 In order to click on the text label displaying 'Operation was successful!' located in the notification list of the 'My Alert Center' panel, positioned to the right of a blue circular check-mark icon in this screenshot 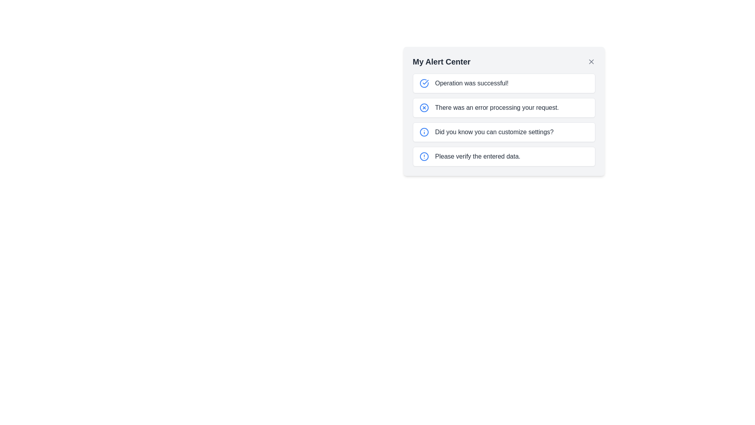, I will do `click(471, 83)`.